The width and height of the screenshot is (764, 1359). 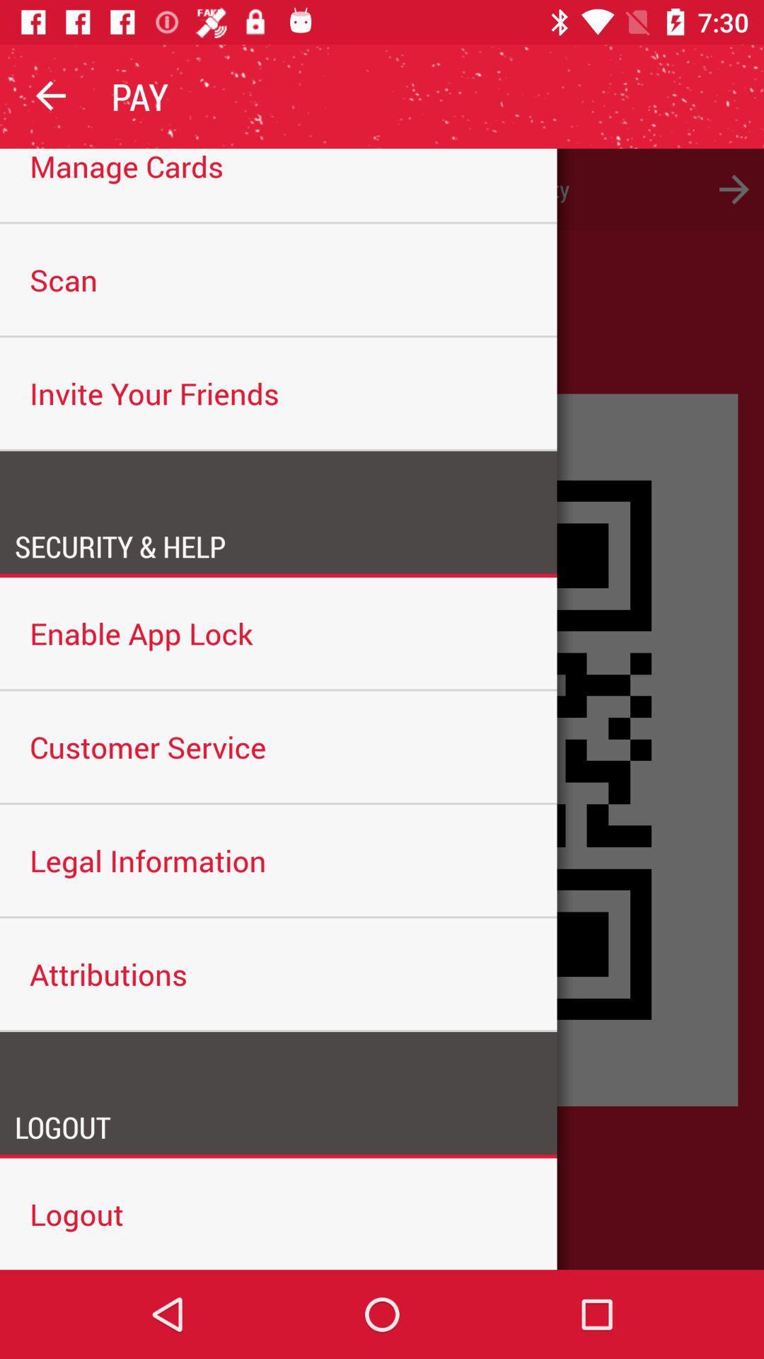 What do you see at coordinates (278, 973) in the screenshot?
I see `the attributions item` at bounding box center [278, 973].